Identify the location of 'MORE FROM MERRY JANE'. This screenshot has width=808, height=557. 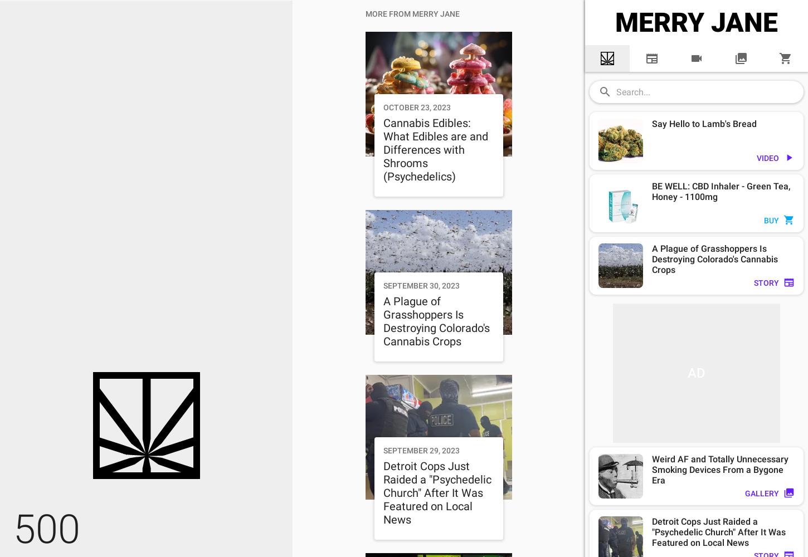
(364, 14).